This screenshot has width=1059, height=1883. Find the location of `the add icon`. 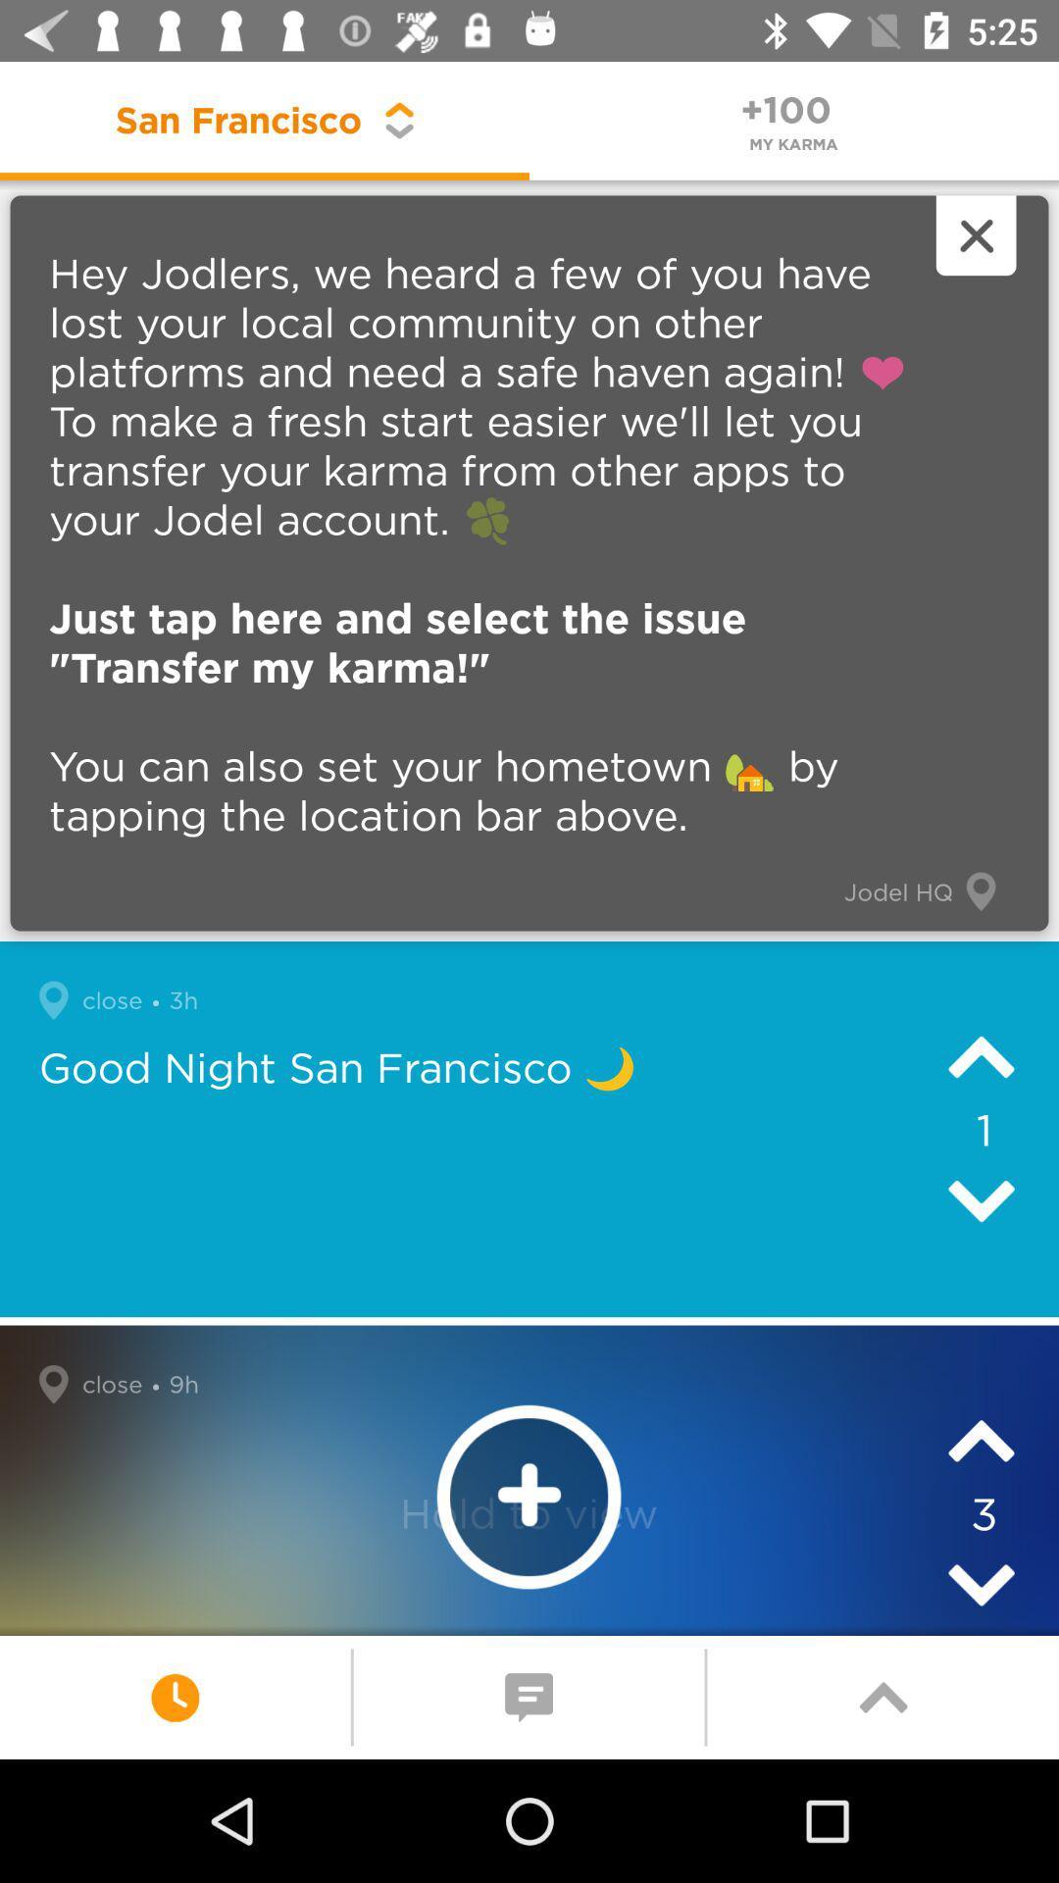

the add icon is located at coordinates (528, 1496).